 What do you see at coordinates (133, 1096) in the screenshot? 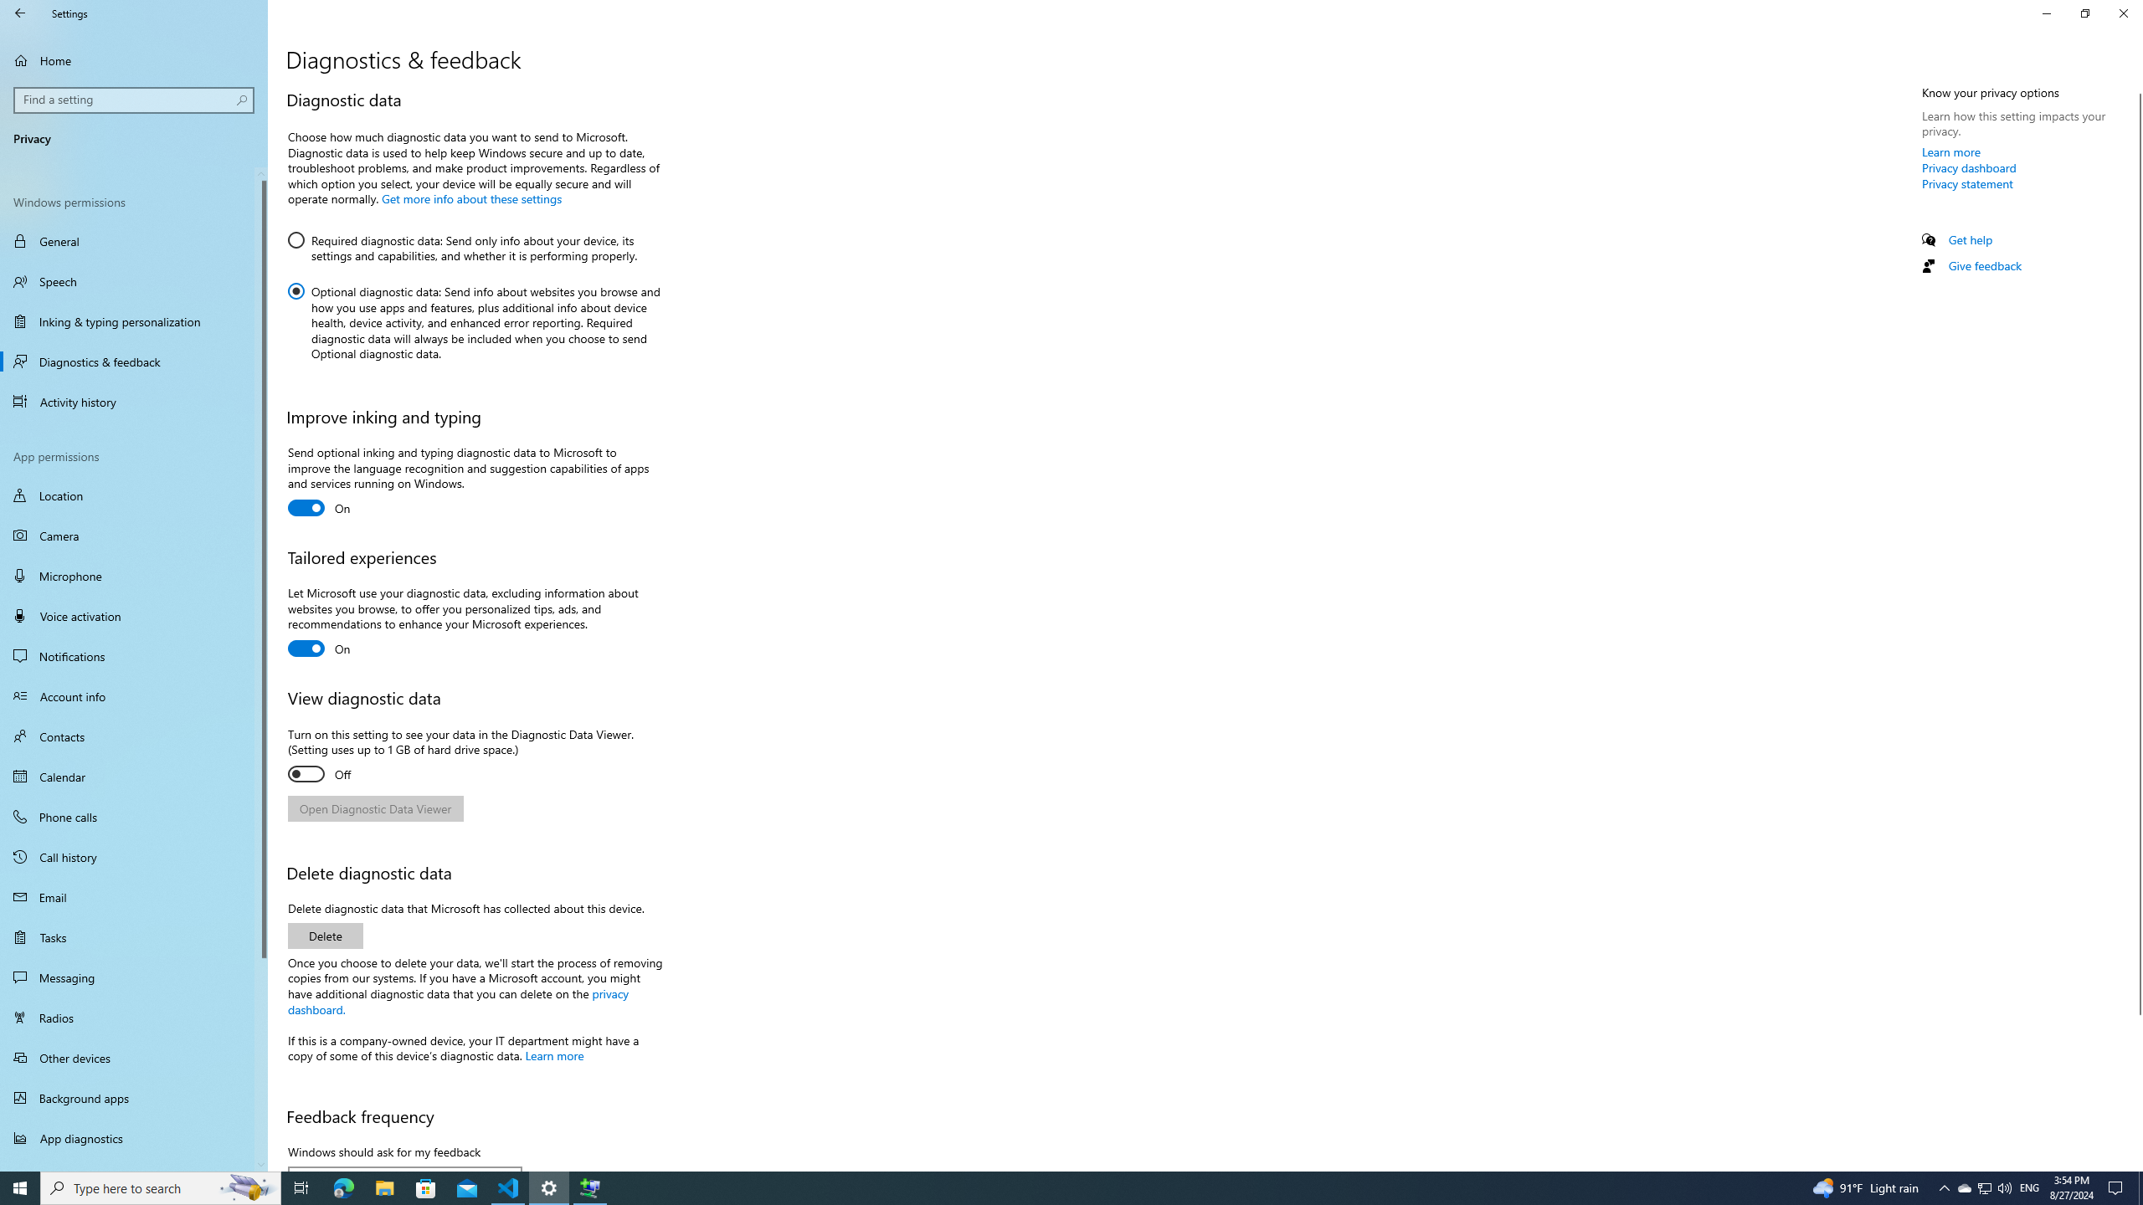
I see `'Background apps'` at bounding box center [133, 1096].